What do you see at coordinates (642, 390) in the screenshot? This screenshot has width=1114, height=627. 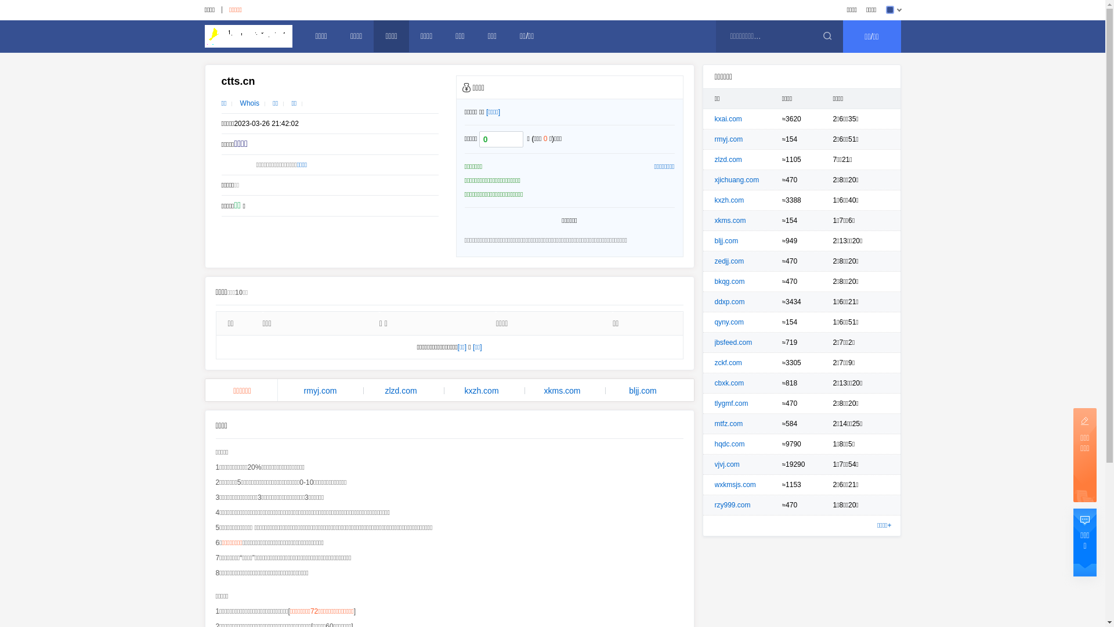 I see `'bljj.com'` at bounding box center [642, 390].